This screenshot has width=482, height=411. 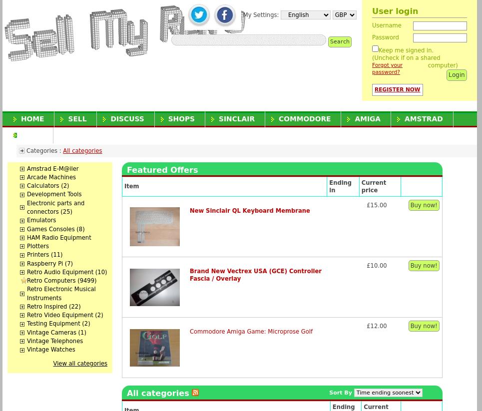 I want to click on 'Register now', so click(x=397, y=88).